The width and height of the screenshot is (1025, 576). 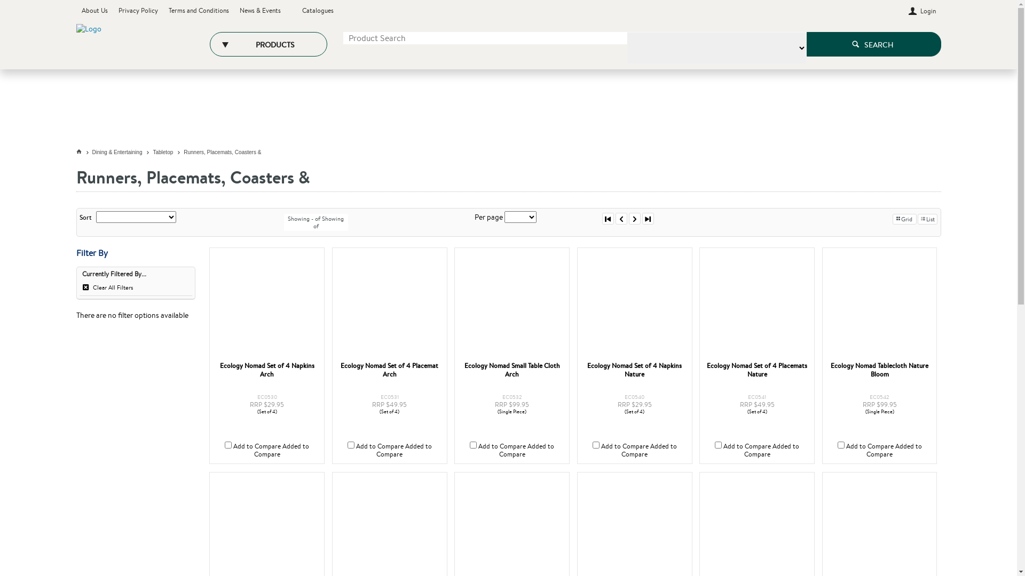 I want to click on 'Added to Compare', so click(x=894, y=450).